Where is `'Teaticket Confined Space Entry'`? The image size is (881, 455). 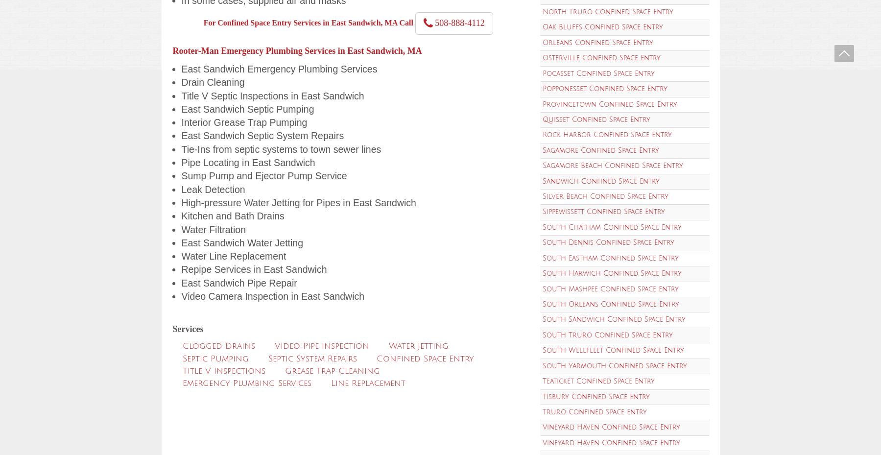
'Teaticket Confined Space Entry' is located at coordinates (598, 381).